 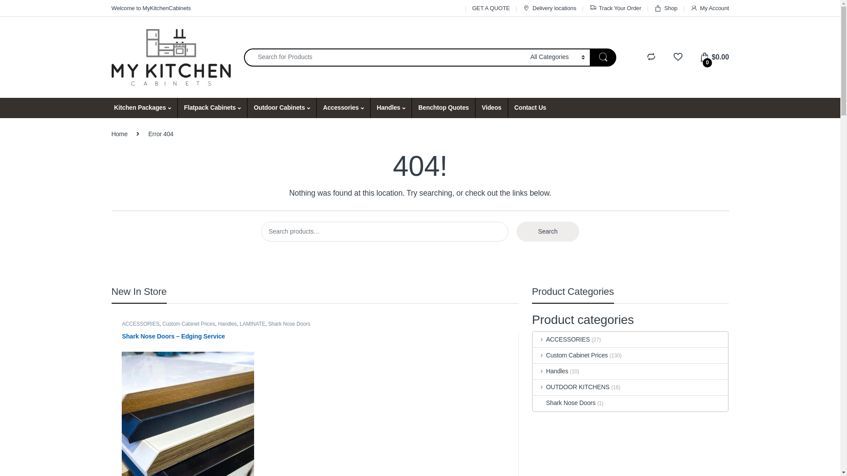 What do you see at coordinates (529, 108) in the screenshot?
I see `'Contact Us'` at bounding box center [529, 108].